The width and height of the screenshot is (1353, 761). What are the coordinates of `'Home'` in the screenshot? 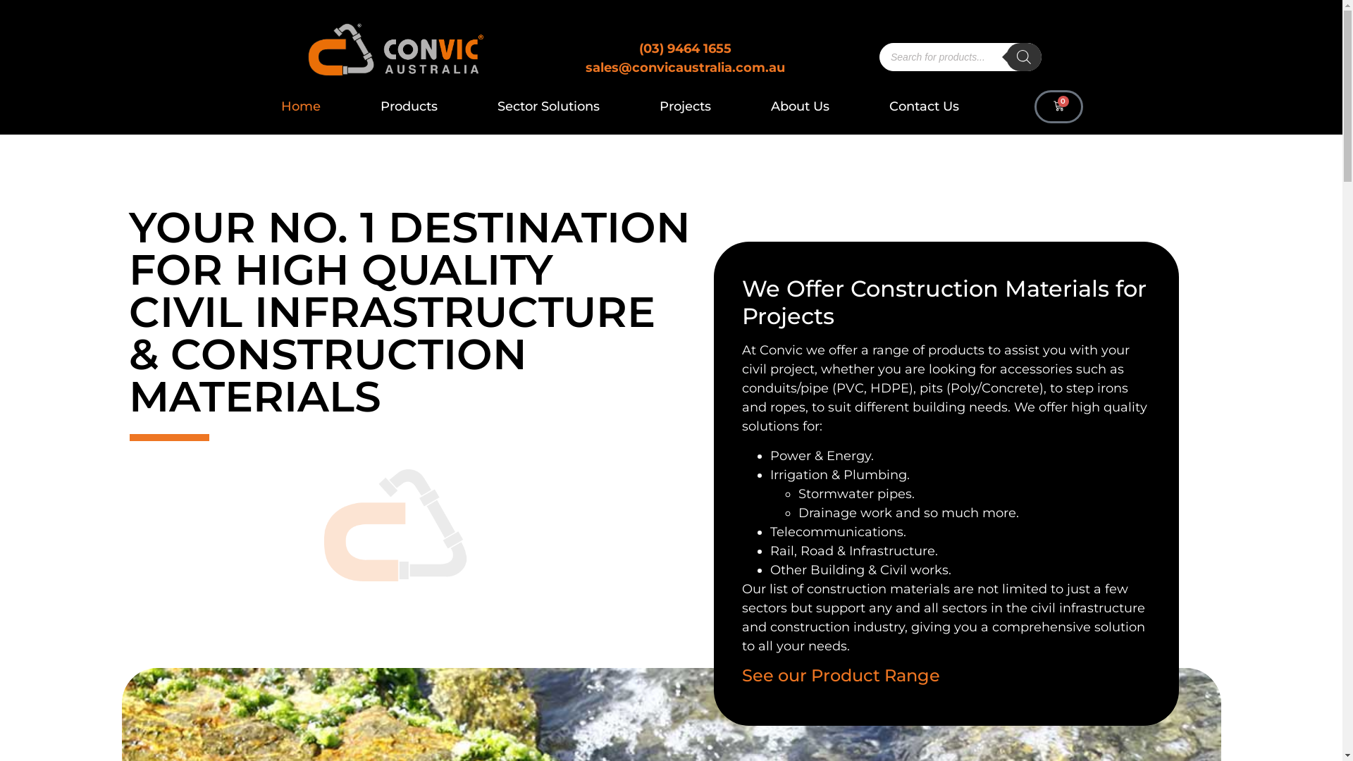 It's located at (266, 105).